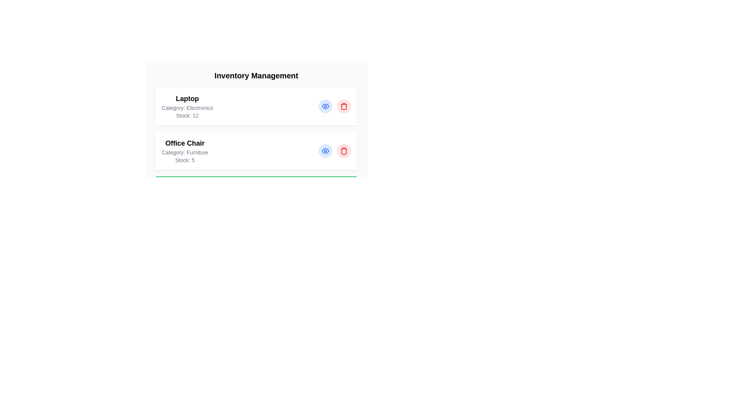 The width and height of the screenshot is (738, 415). What do you see at coordinates (185, 153) in the screenshot?
I see `the text Category: Furniture within the component` at bounding box center [185, 153].